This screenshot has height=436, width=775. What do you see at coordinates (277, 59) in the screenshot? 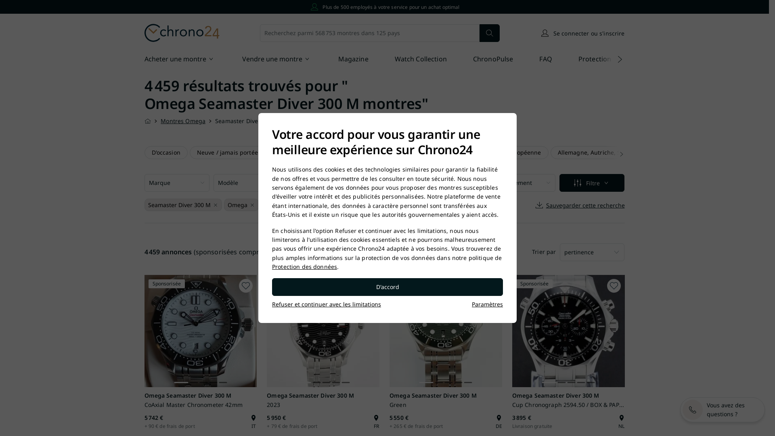
I see `'Vendre une montre'` at bounding box center [277, 59].